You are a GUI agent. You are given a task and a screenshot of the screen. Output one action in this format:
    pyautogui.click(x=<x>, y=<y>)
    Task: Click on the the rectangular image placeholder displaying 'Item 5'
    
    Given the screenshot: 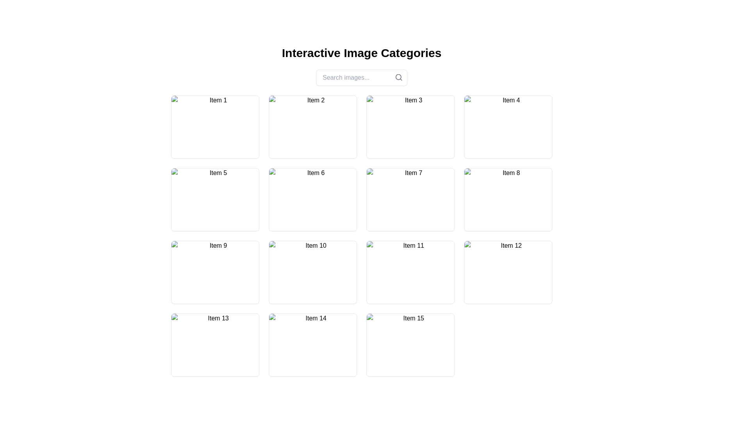 What is the action you would take?
    pyautogui.click(x=215, y=199)
    